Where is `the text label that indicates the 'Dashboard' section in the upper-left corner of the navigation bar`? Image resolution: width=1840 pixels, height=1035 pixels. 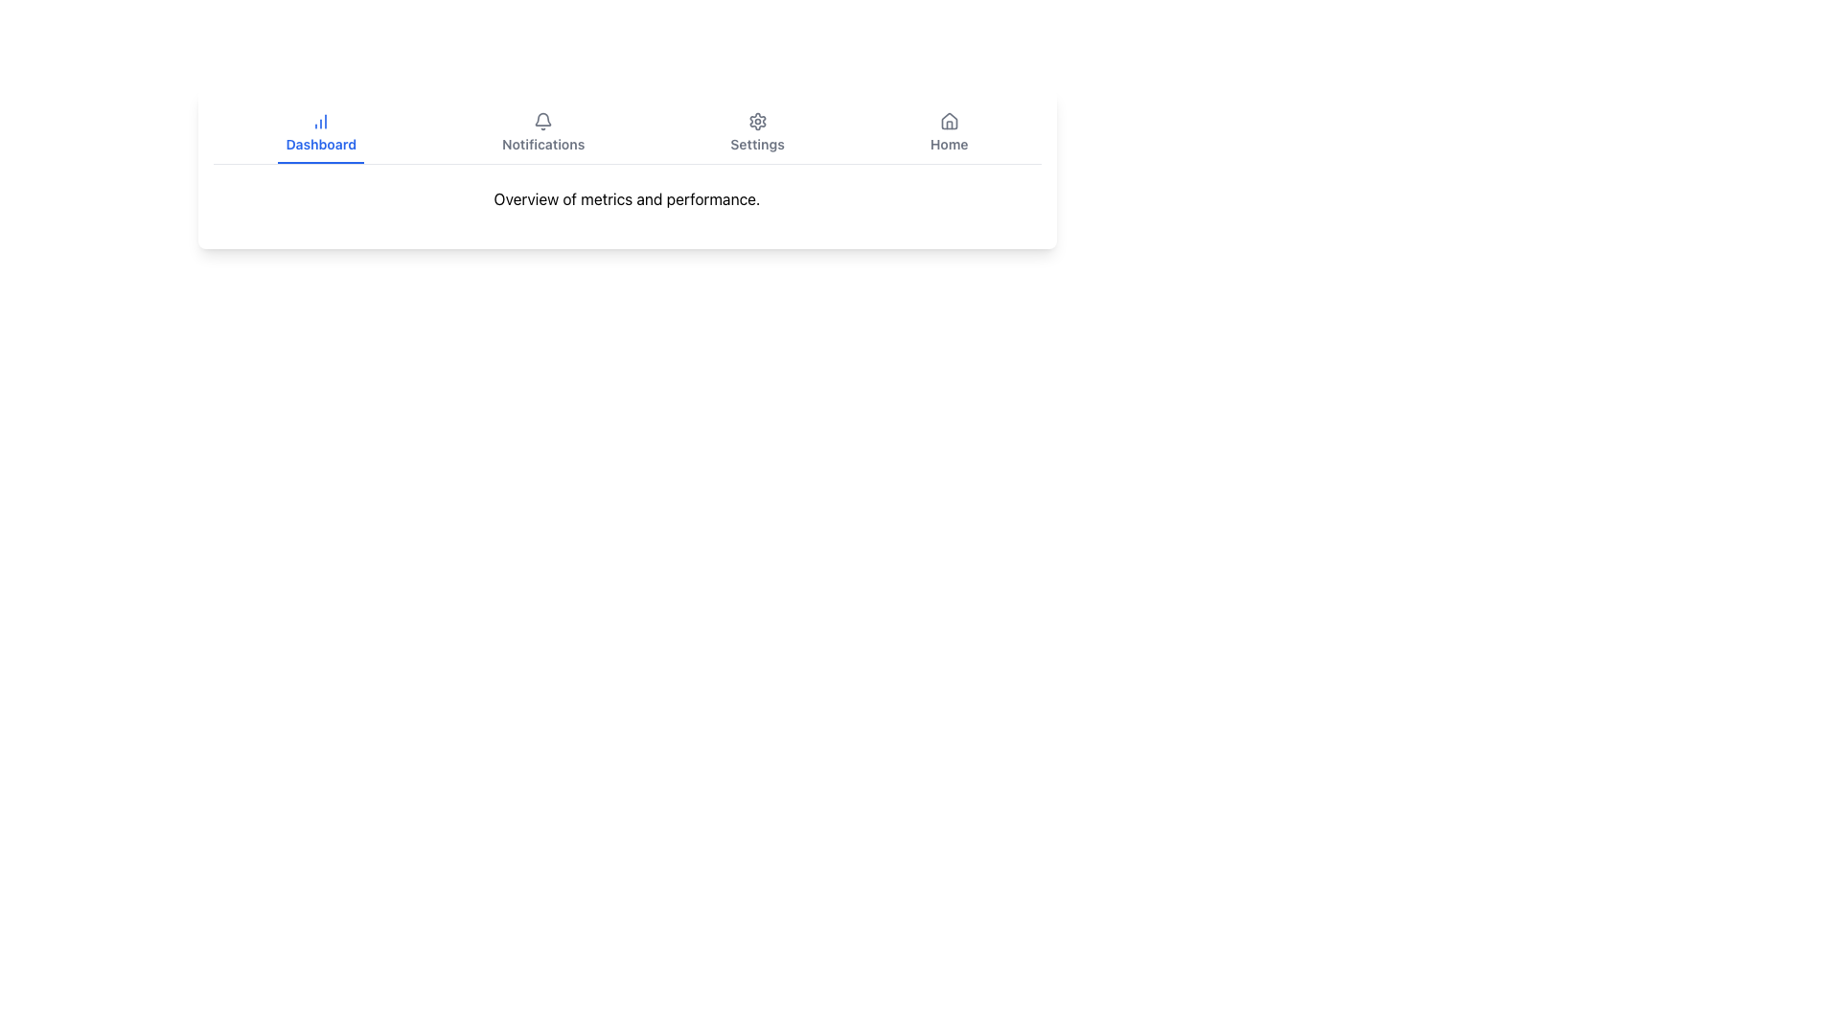 the text label that indicates the 'Dashboard' section in the upper-left corner of the navigation bar is located at coordinates (321, 143).